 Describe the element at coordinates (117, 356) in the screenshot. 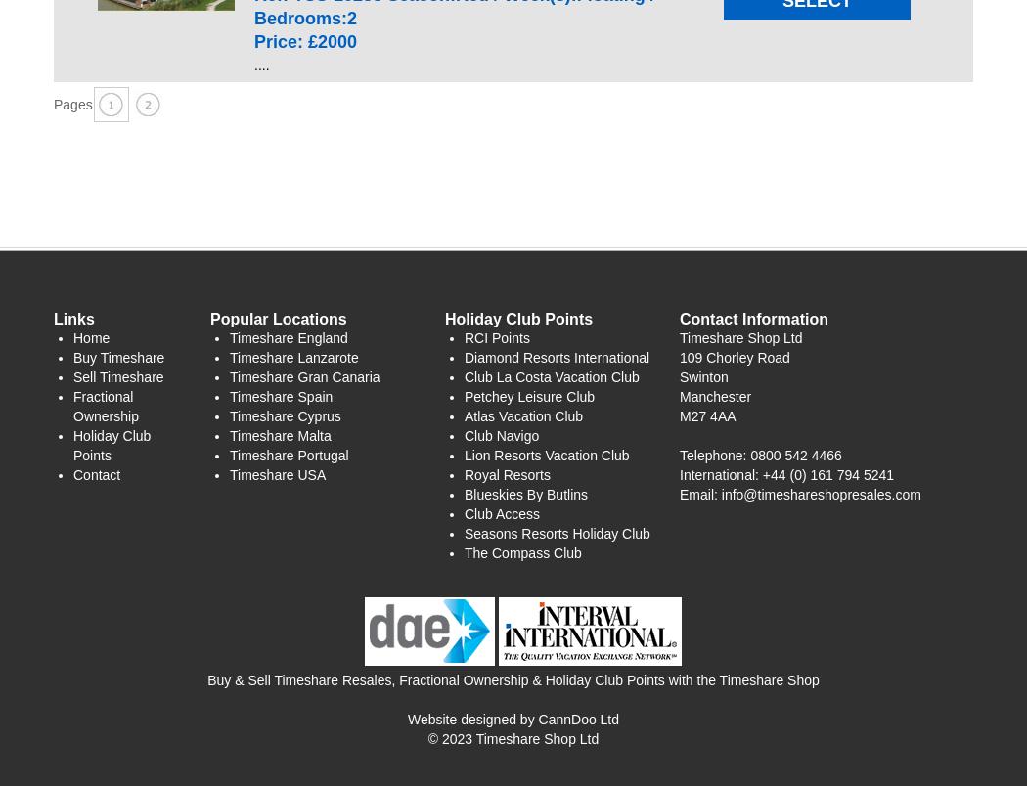

I see `'Buy Timeshare'` at that location.